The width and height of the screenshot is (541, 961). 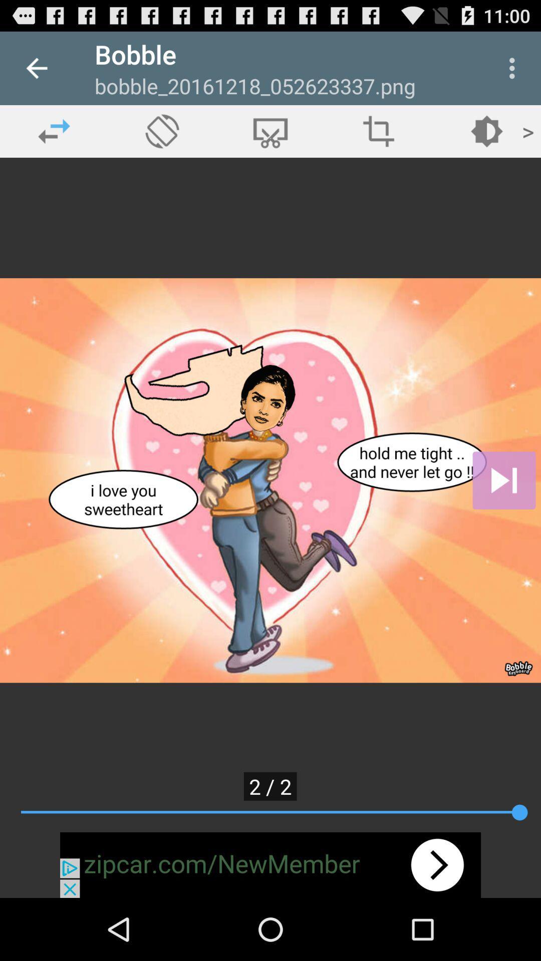 I want to click on edit brightness, so click(x=486, y=131).